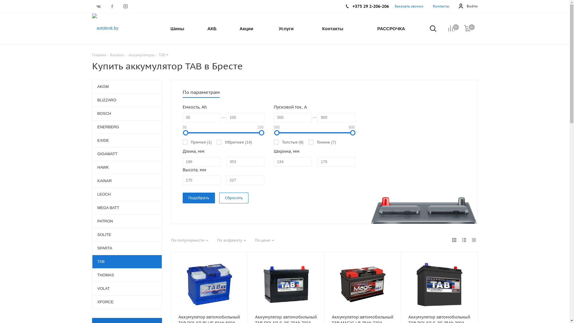  Describe the element at coordinates (91, 302) in the screenshot. I see `'XFORCE'` at that location.